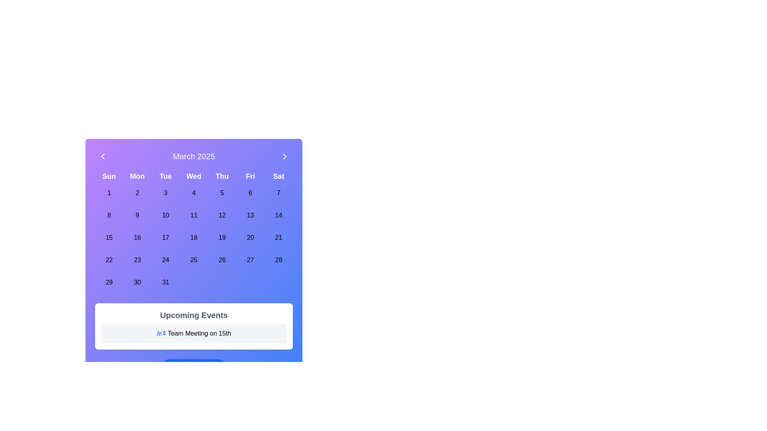 Image resolution: width=767 pixels, height=431 pixels. What do you see at coordinates (194, 326) in the screenshot?
I see `the informational widget displaying upcoming scheduled events, specifically the 'Team Meeting on 15th' event located beneath the calendar grid in the 'Upcoming Events' section` at bounding box center [194, 326].